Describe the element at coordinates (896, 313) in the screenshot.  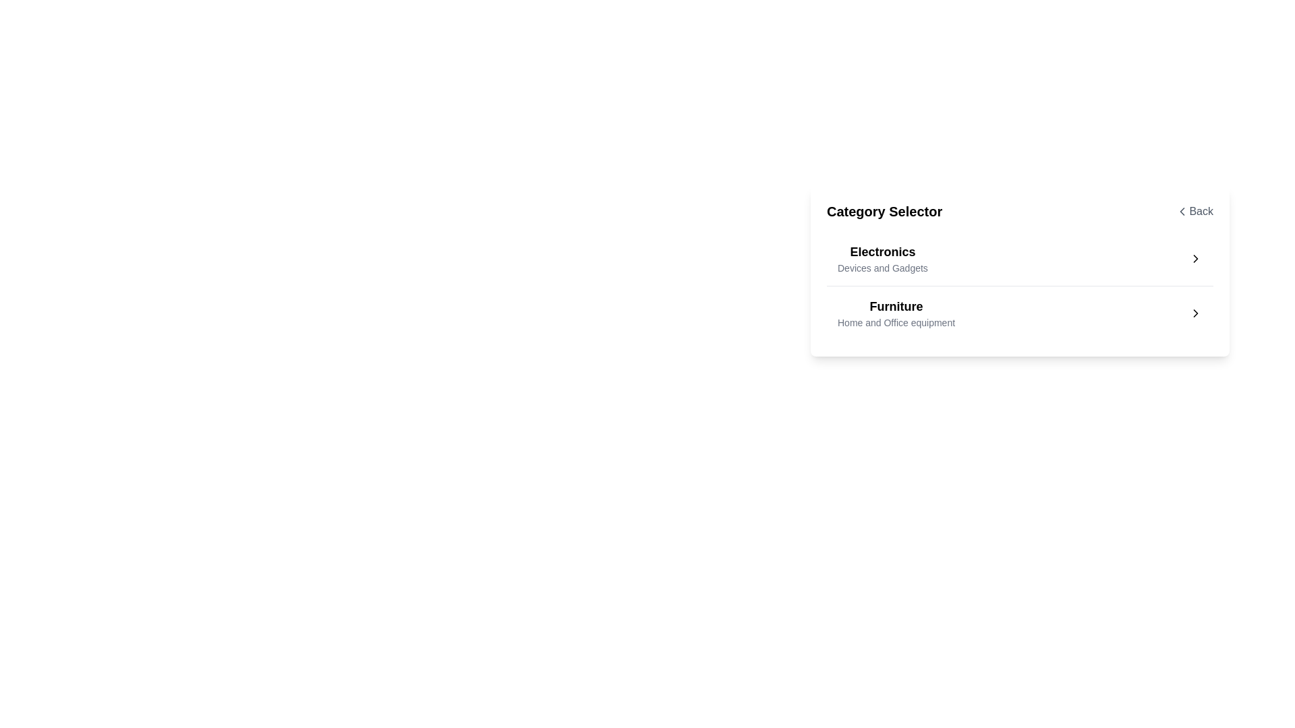
I see `the 'Furniture' category item in the 'Category Selector' section` at that location.